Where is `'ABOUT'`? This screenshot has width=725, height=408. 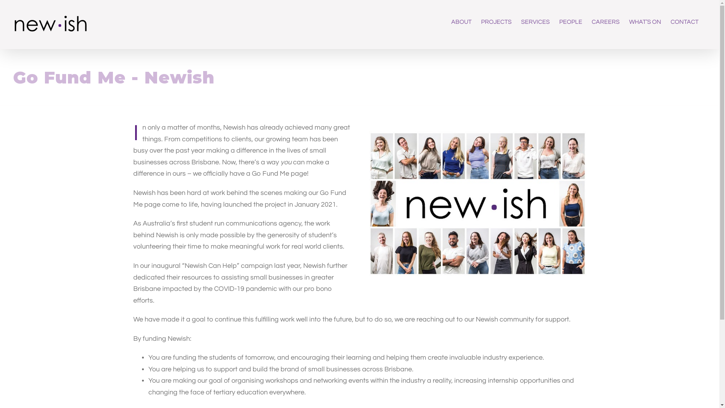
'ABOUT' is located at coordinates (461, 21).